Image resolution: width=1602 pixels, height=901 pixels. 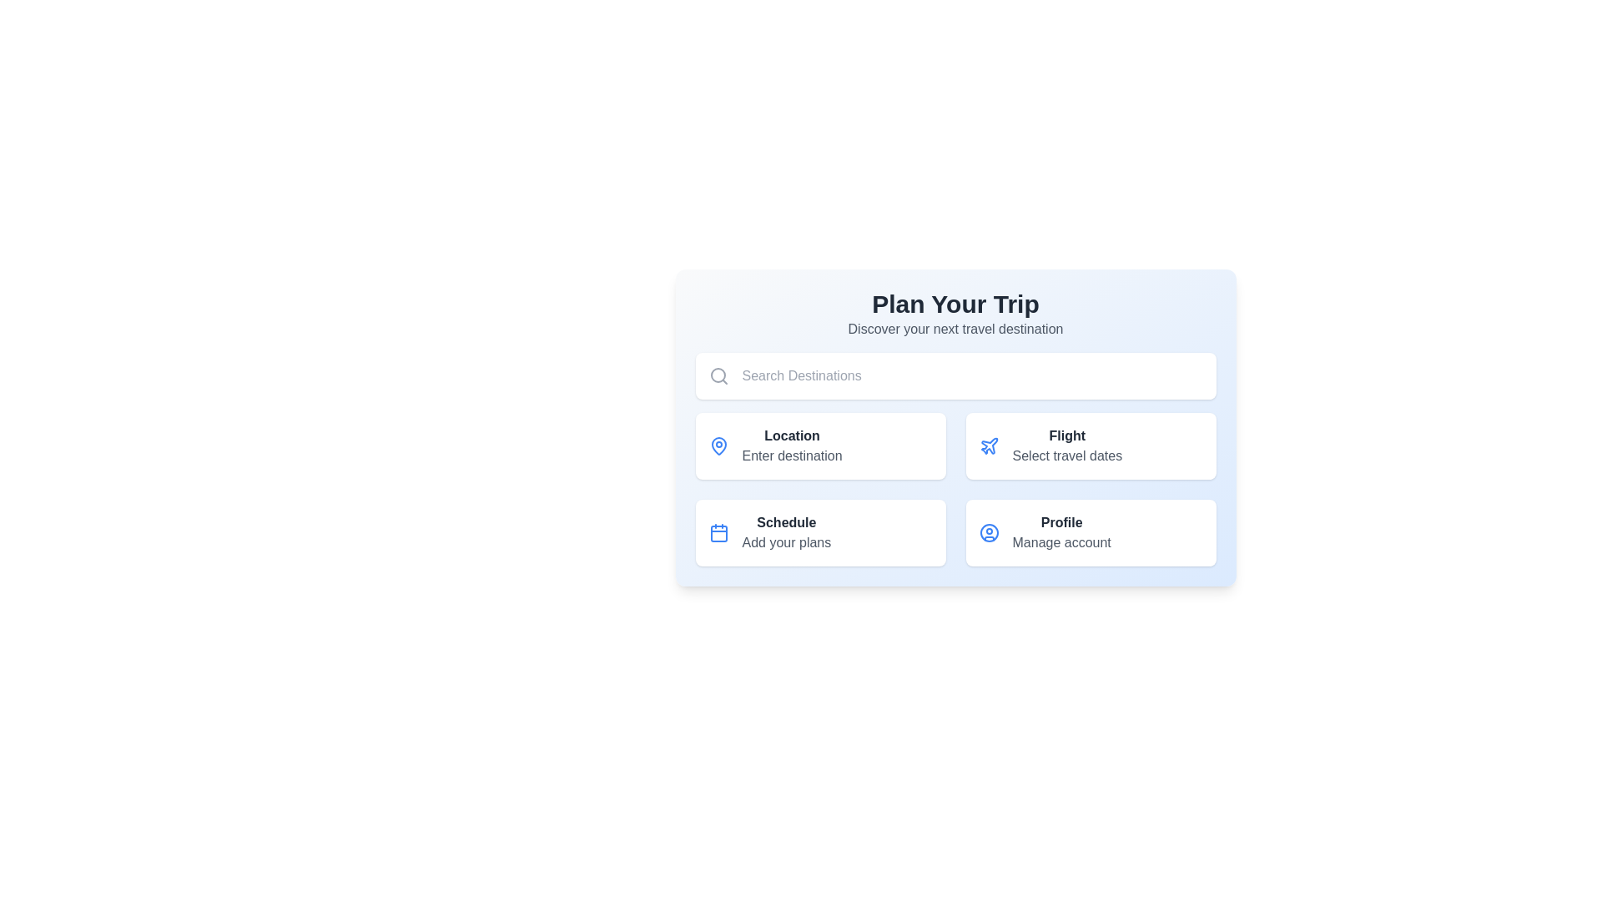 What do you see at coordinates (718, 445) in the screenshot?
I see `the lower half of the pin icon representing the 'Location' feature in the top-left quadrant of the interface` at bounding box center [718, 445].